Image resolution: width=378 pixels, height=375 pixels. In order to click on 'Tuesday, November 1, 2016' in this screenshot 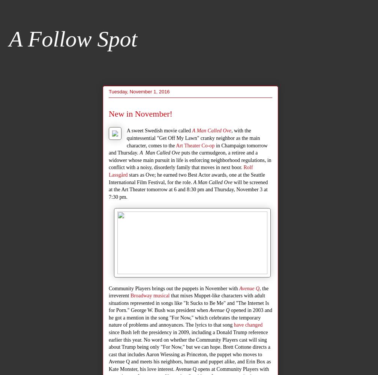, I will do `click(139, 91)`.